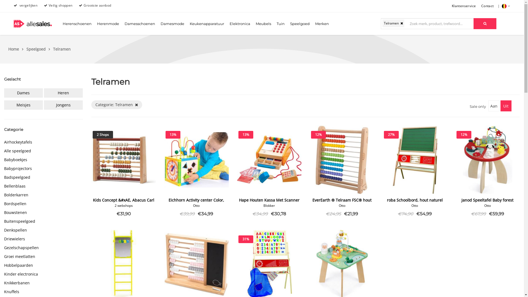 The width and height of the screenshot is (528, 297). What do you see at coordinates (43, 274) in the screenshot?
I see `'Kinder electronica'` at bounding box center [43, 274].